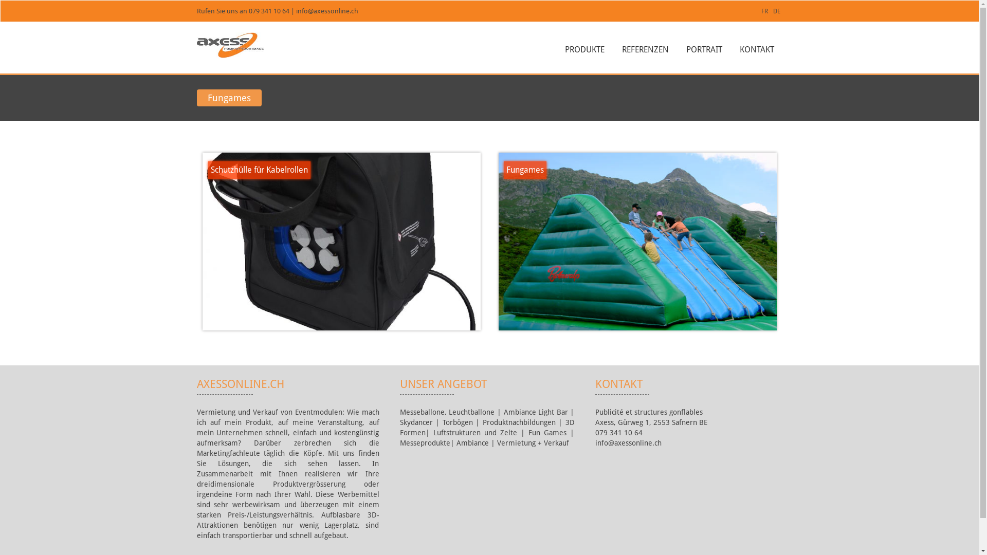  I want to click on 'PRODUKTE', so click(584, 49).